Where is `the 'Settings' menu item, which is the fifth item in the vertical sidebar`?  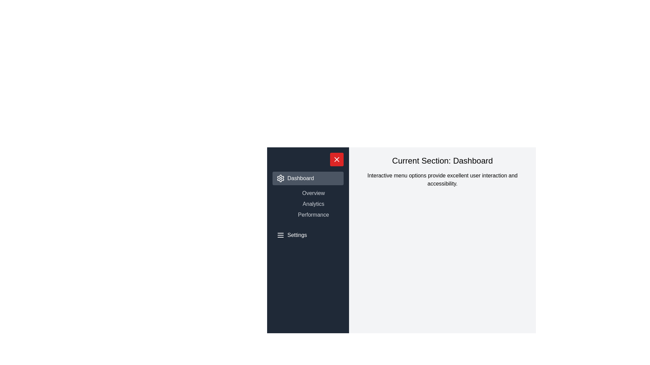
the 'Settings' menu item, which is the fifth item in the vertical sidebar is located at coordinates (308, 235).